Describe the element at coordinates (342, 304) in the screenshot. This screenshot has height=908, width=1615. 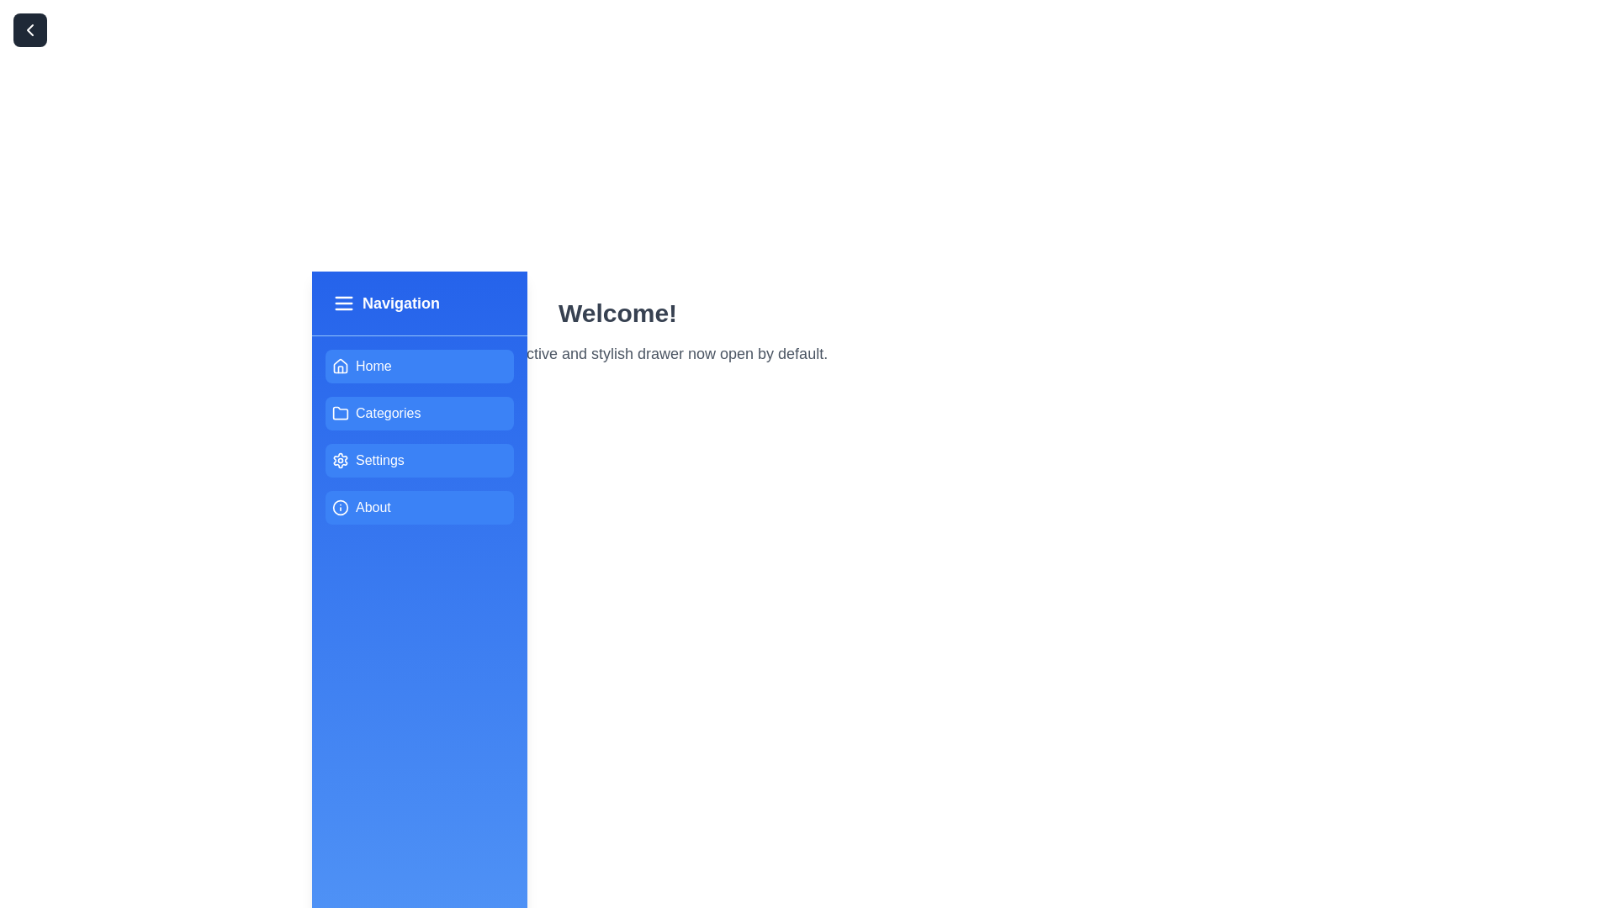
I see `the icon button located to the left of the 'Navigation' text in the header of the left-side vertical navigation bar` at that location.